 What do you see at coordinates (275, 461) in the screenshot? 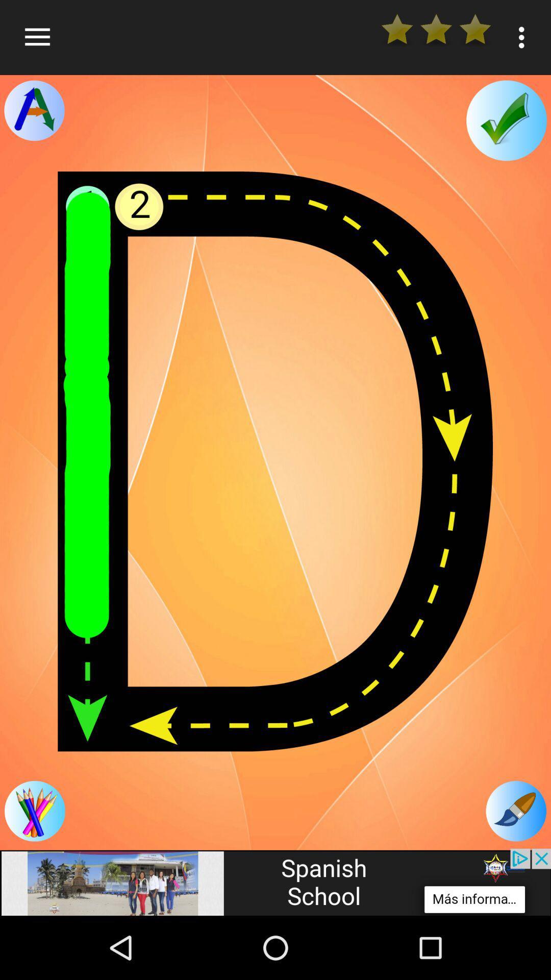
I see `main canvas` at bounding box center [275, 461].